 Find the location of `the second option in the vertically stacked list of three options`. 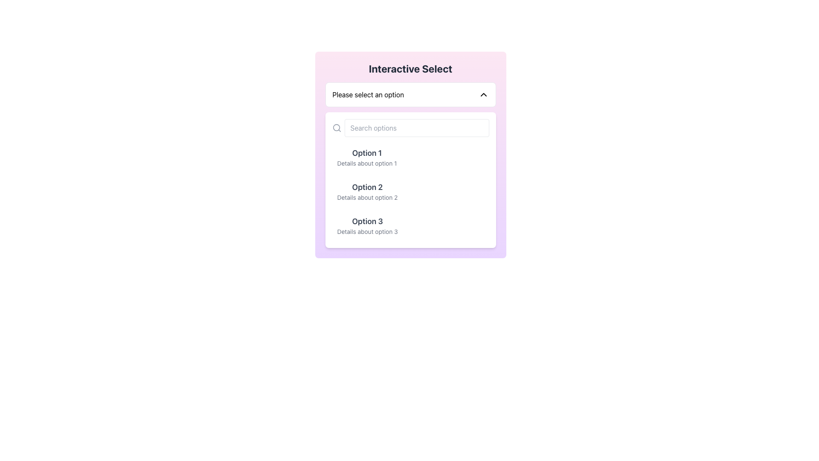

the second option in the vertically stacked list of three options is located at coordinates (410, 191).